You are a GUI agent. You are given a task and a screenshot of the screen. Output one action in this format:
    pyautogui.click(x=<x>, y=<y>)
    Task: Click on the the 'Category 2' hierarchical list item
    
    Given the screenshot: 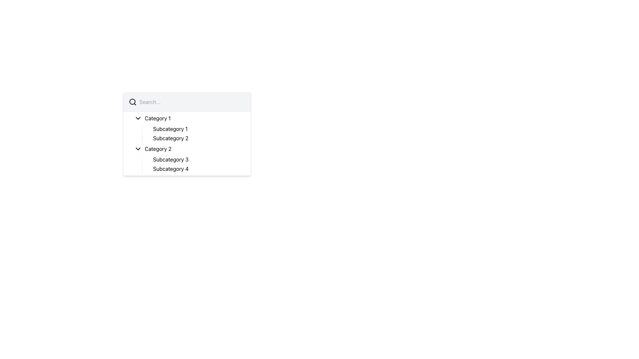 What is the action you would take?
    pyautogui.click(x=186, y=159)
    